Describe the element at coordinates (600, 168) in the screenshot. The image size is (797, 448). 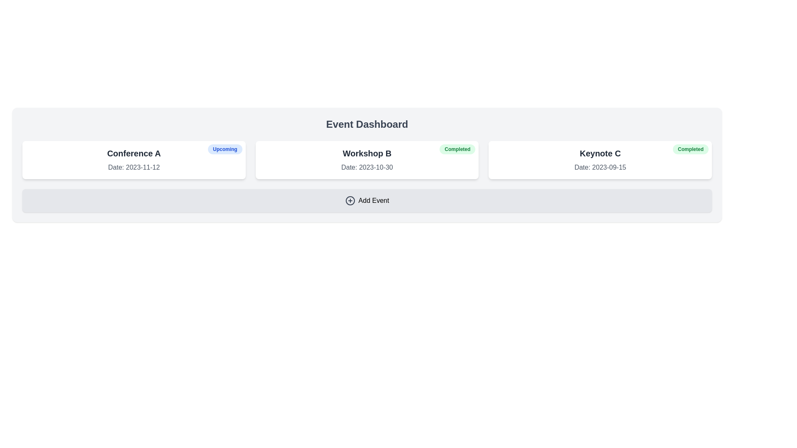
I see `the Text label displaying 'Date: 2023-09-15' within the 'Keynote C' card, located below the title of the card` at that location.